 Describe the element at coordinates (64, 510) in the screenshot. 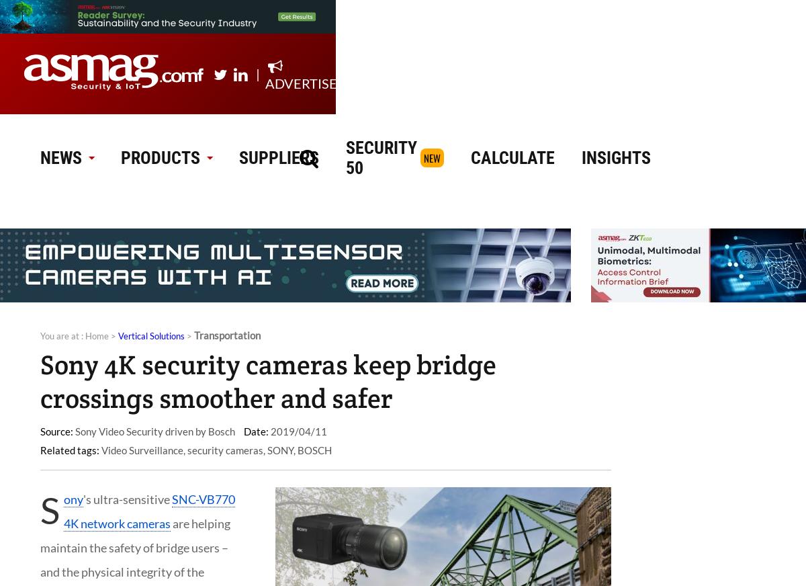

I see `'SNC-VB770 4K network cameras'` at that location.